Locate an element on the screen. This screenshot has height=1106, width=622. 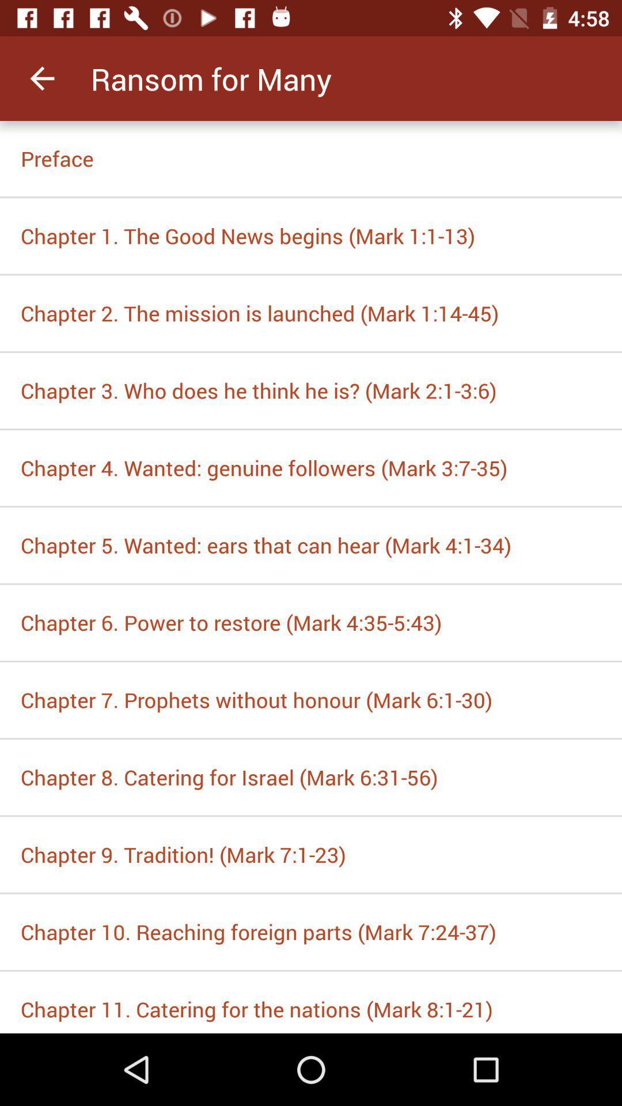
the item above preface is located at coordinates (41, 78).